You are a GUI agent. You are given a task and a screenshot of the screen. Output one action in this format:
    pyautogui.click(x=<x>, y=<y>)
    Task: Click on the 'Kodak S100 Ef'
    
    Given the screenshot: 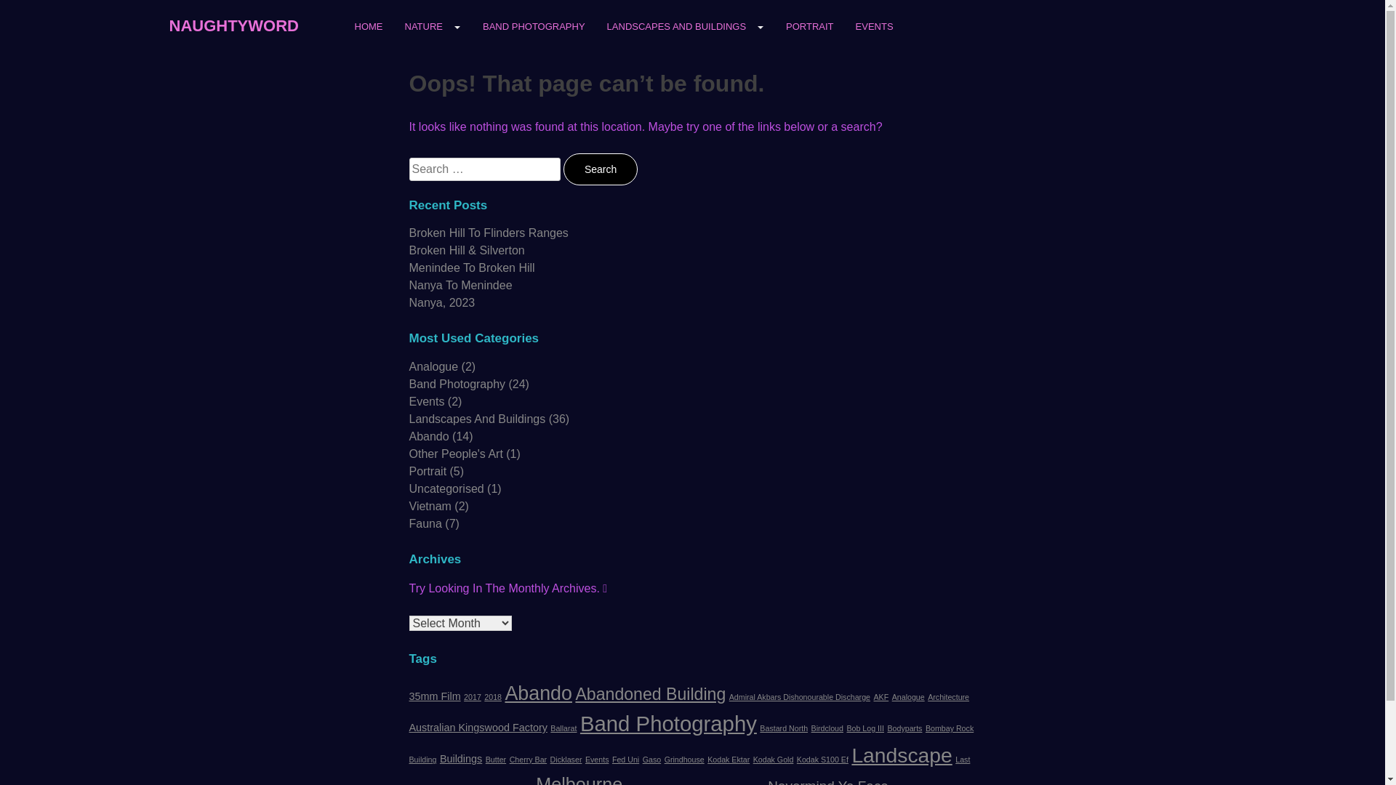 What is the action you would take?
    pyautogui.click(x=795, y=759)
    